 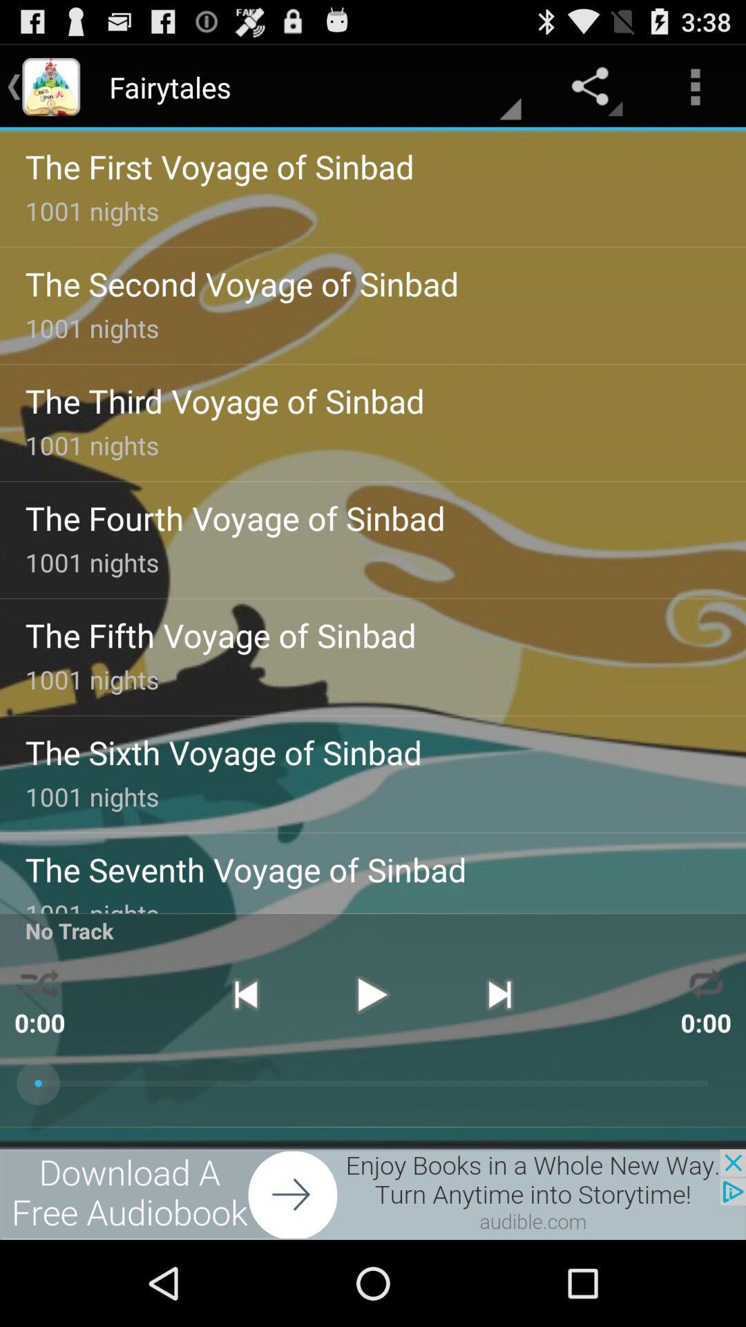 I want to click on the skip_previous icon, so click(x=245, y=1063).